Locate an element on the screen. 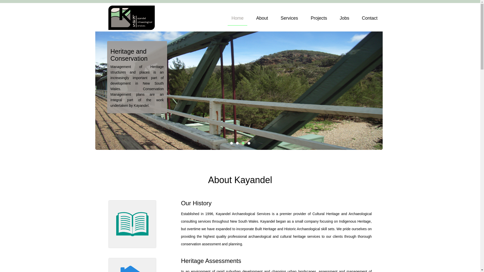 This screenshot has height=272, width=484. 'About' is located at coordinates (252, 19).